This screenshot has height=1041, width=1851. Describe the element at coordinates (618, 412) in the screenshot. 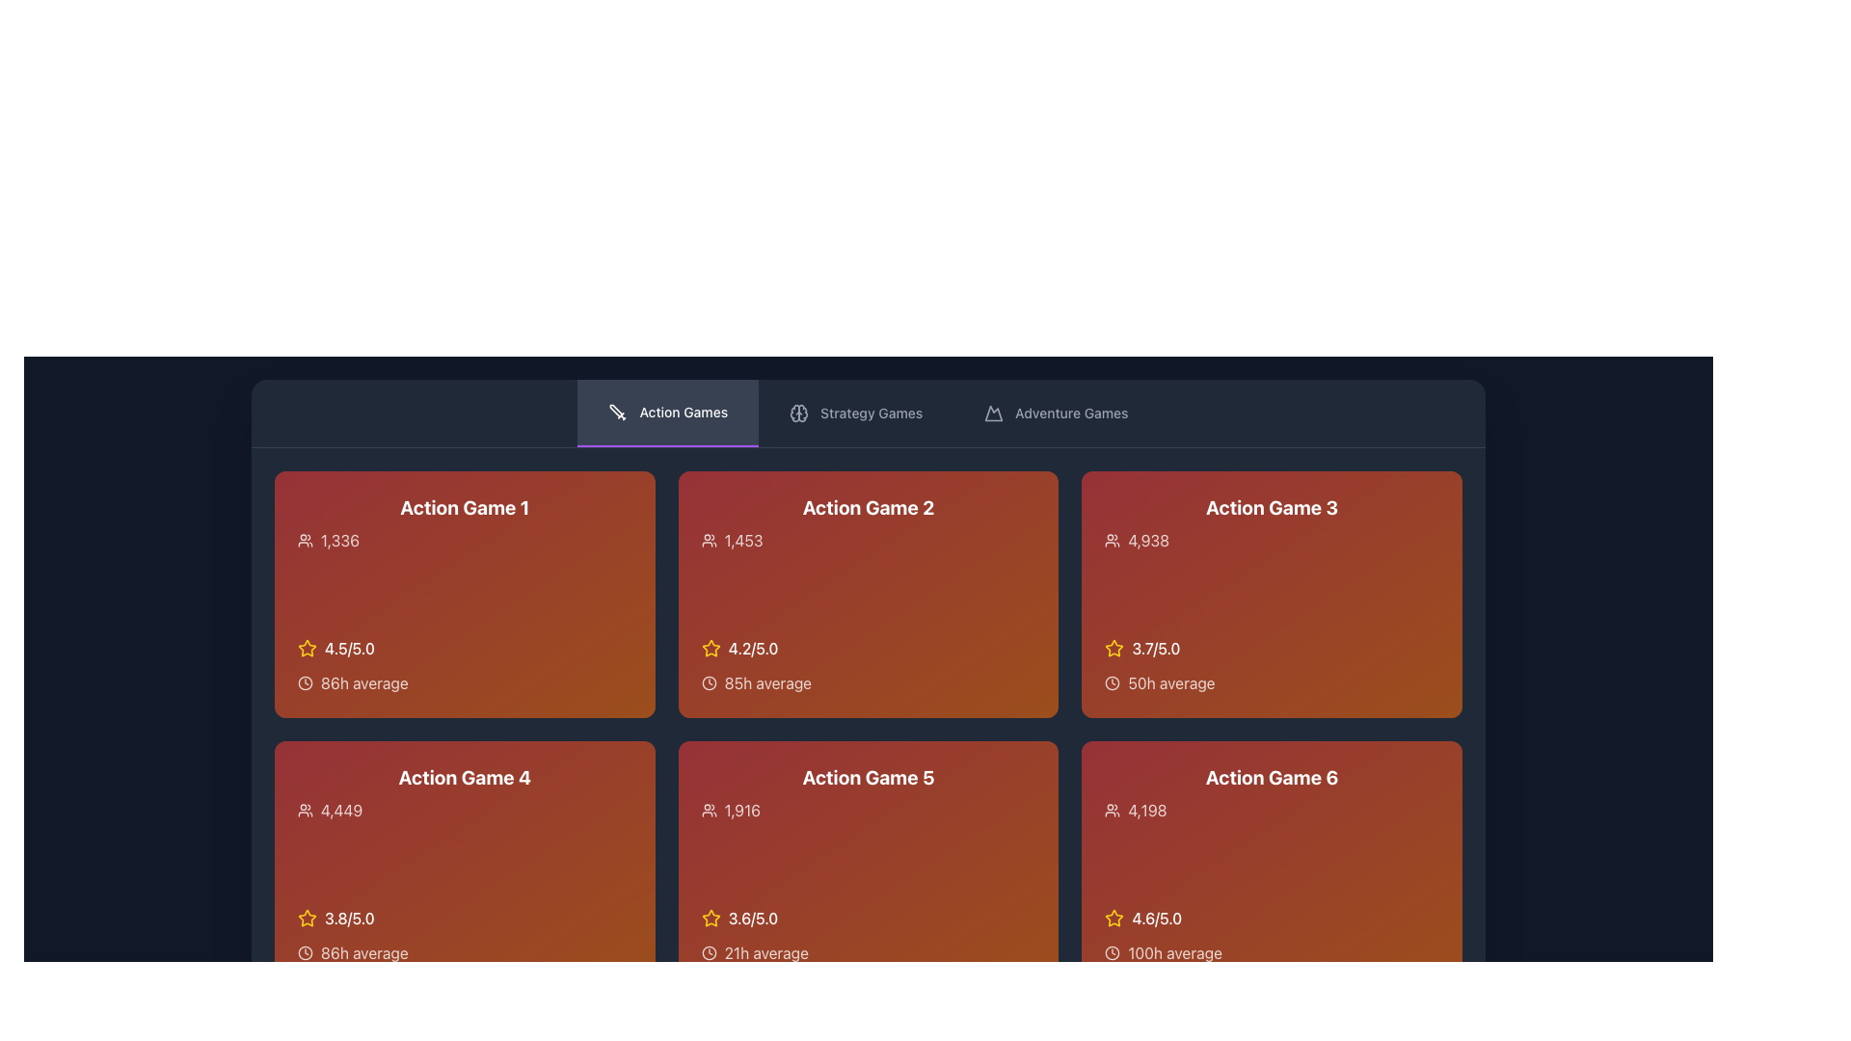

I see `the sword-shaped icon located to the left of the 'Action Games' text within the highlighted section header` at that location.